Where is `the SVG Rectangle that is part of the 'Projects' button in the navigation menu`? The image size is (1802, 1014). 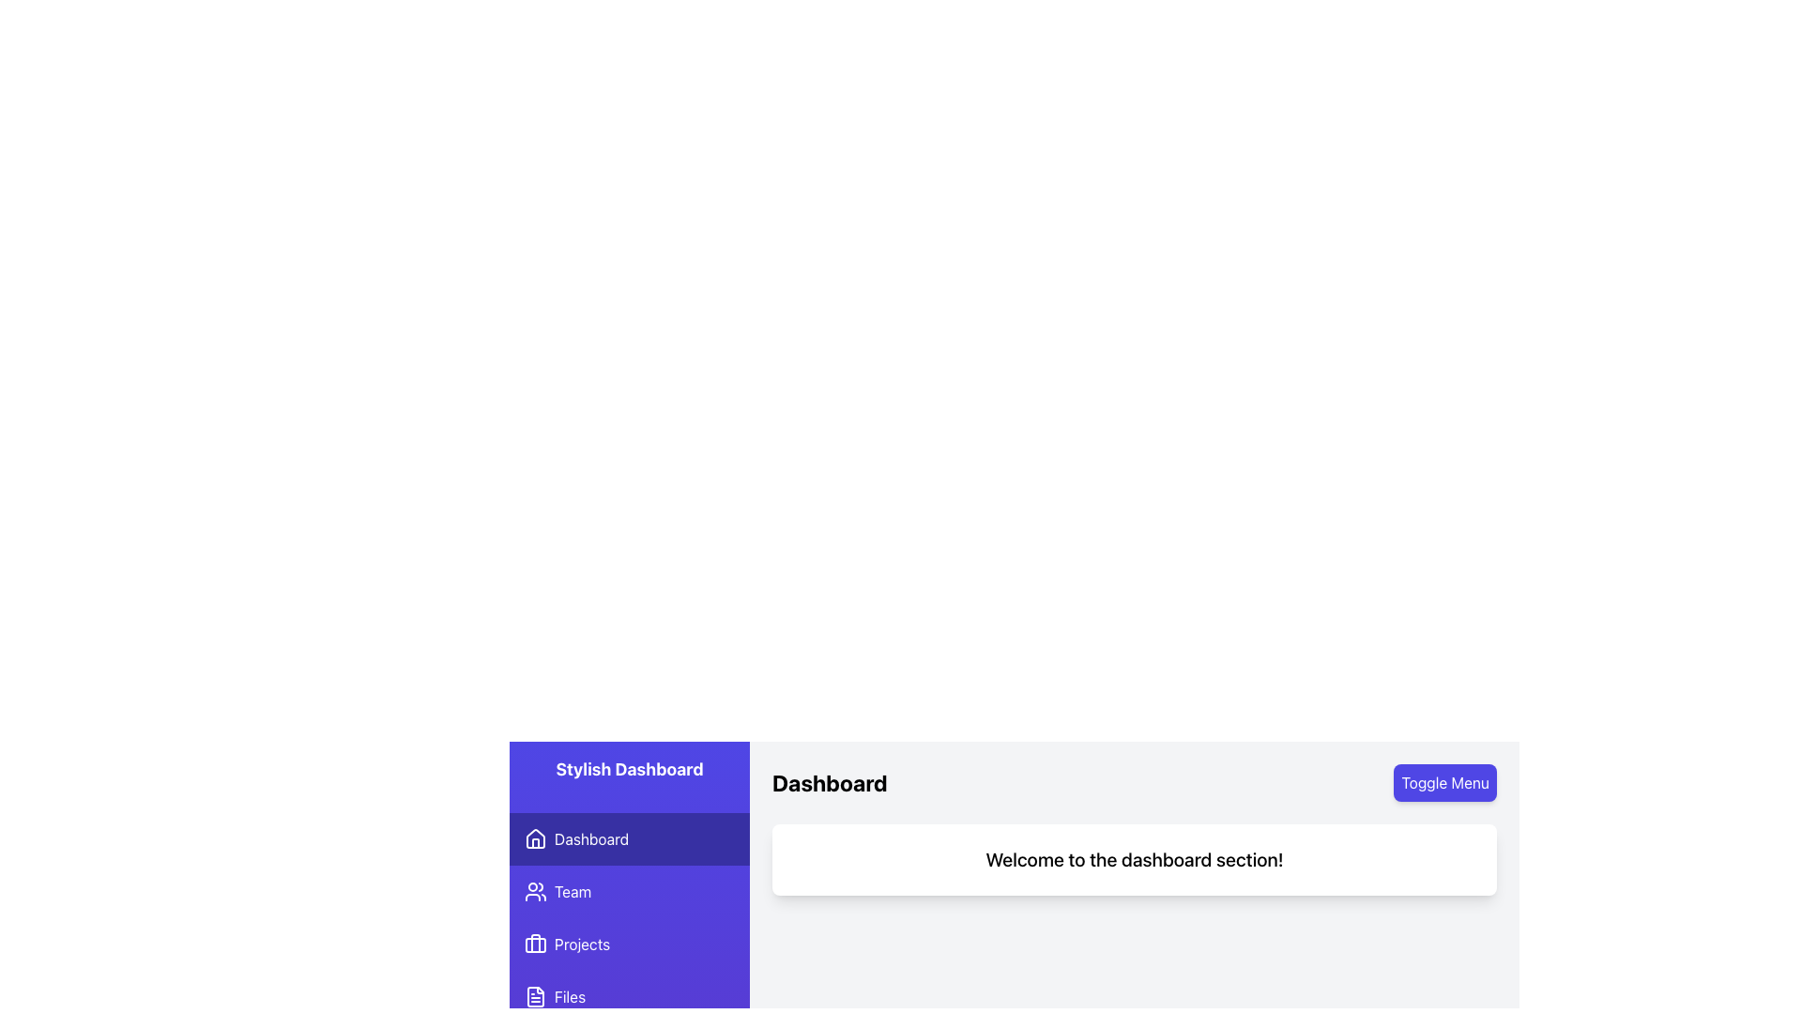 the SVG Rectangle that is part of the 'Projects' button in the navigation menu is located at coordinates (535, 945).